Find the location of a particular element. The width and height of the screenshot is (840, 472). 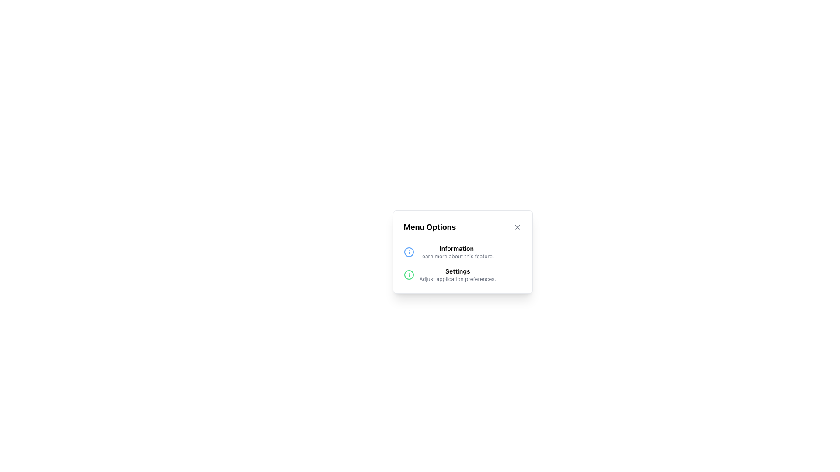

the Icon Element, which visually represents a part of an icon in the options dialog, centered within the circular SVG icon is located at coordinates (408, 252).